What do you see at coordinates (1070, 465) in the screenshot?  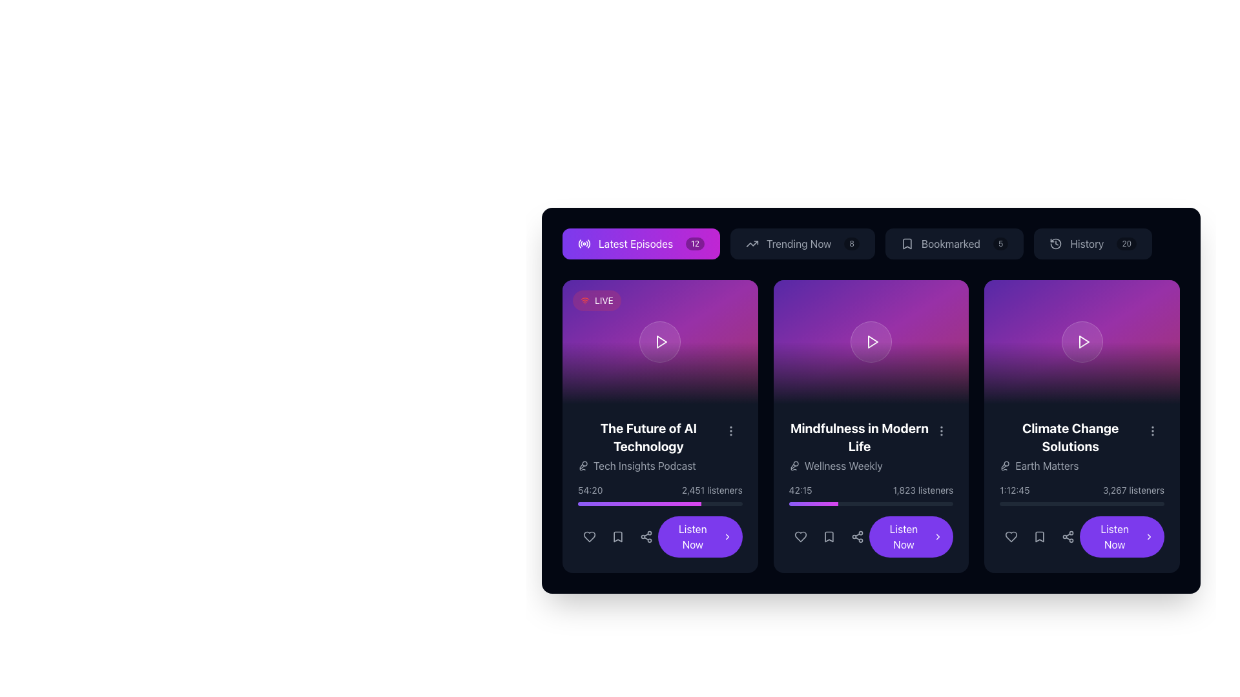 I see `the label 'Earth Matters' which is styled in gray font and features a microphone icon to its left, located beneath the title 'Climate Change Solutions' in the rightmost card of a three-card layout` at bounding box center [1070, 465].